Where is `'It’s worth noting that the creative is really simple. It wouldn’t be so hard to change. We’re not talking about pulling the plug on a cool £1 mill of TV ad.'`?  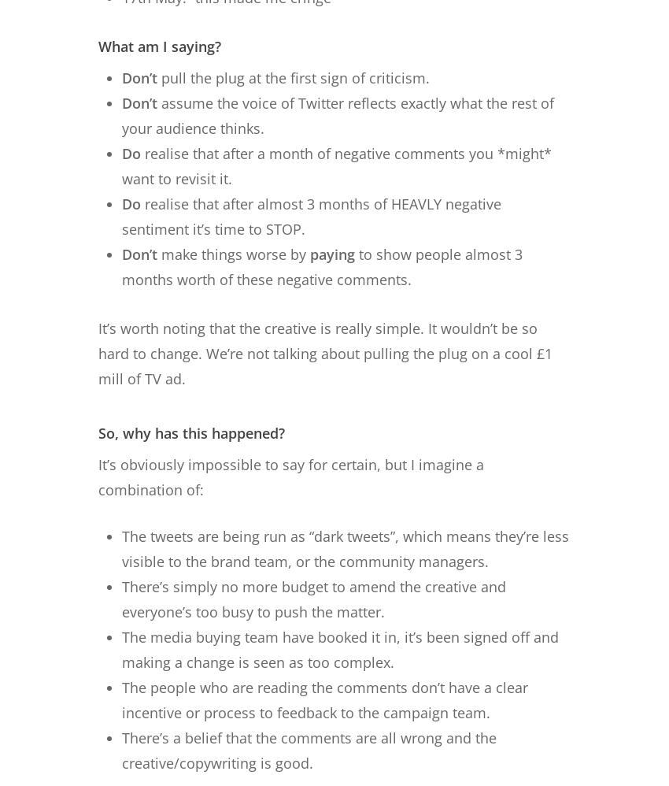
'It’s worth noting that the creative is really simple. It wouldn’t be so hard to change. We’re not talking about pulling the plug on a cool £1 mill of TV ad.' is located at coordinates (325, 353).